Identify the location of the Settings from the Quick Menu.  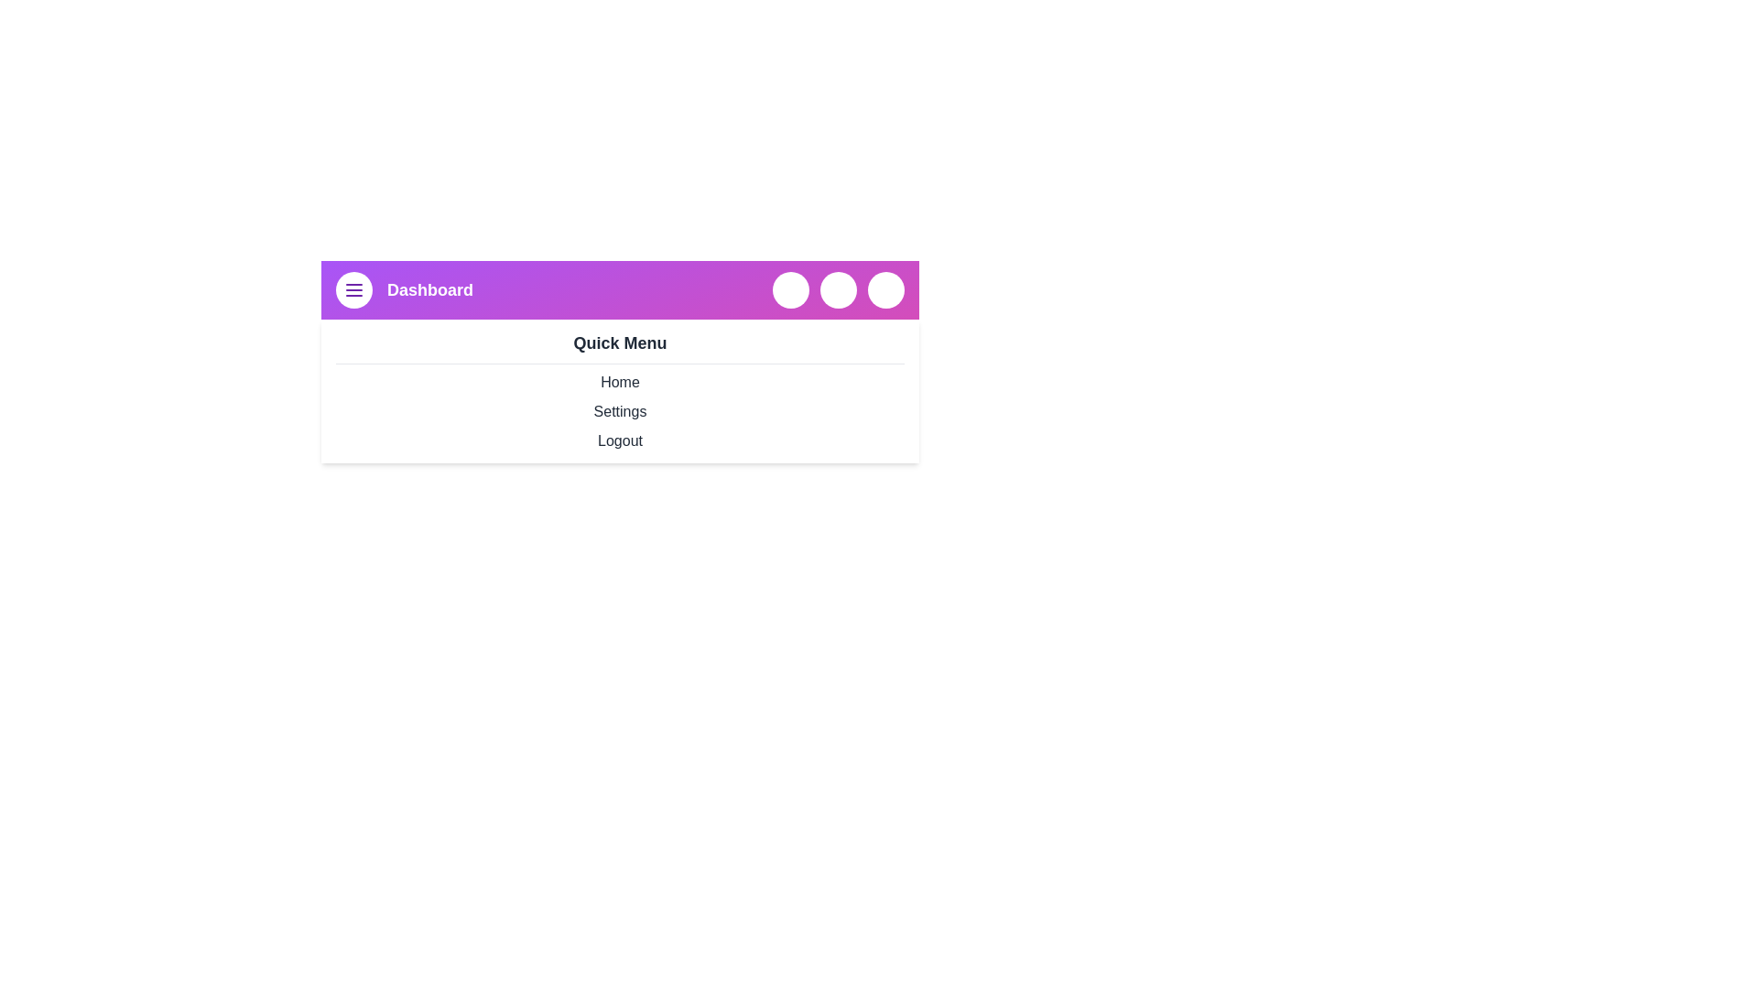
(620, 412).